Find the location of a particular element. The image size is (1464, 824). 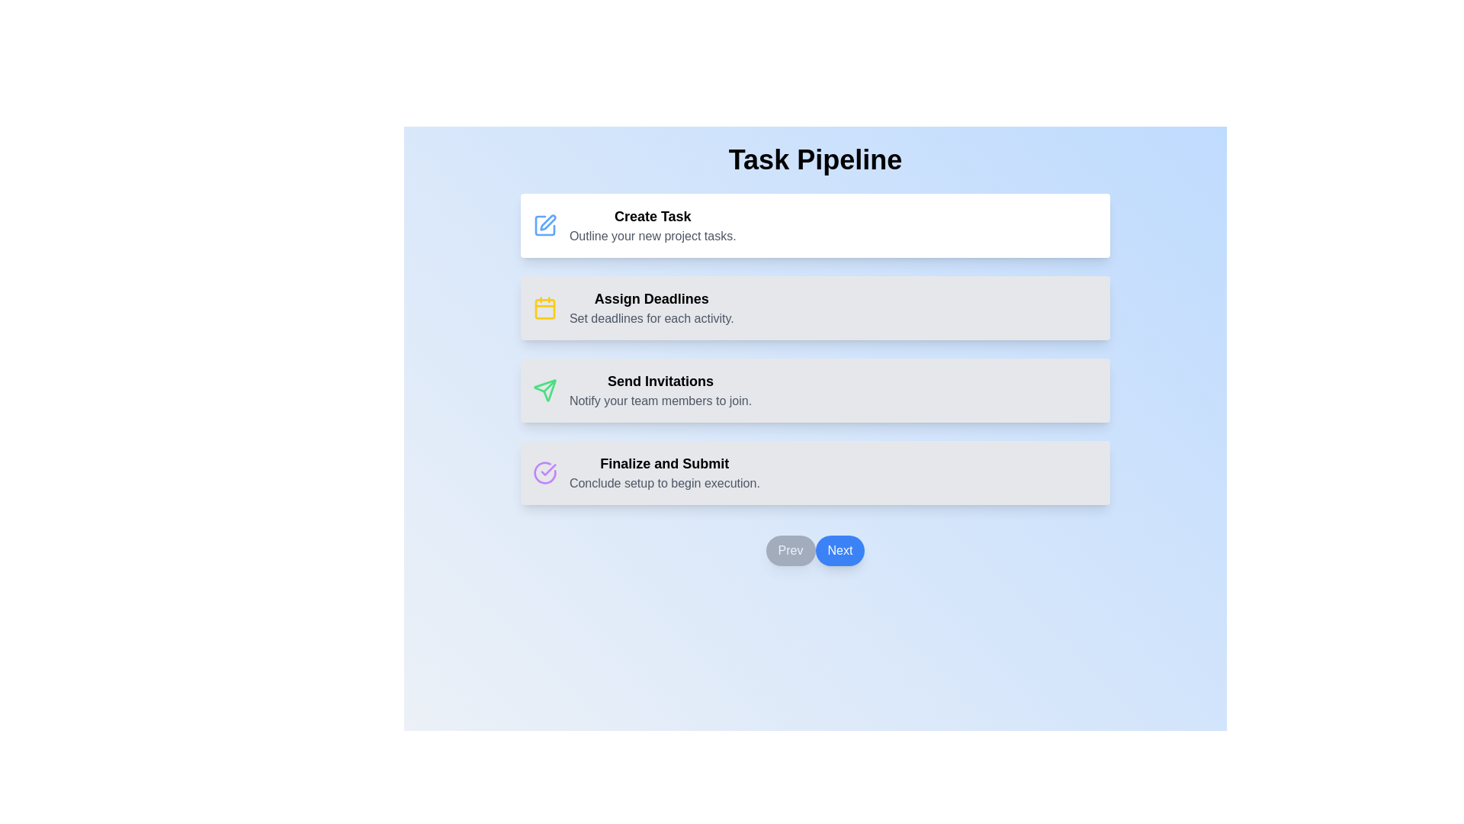

the checked state icon, which is a subcomponent of a larger circular checkmark icon located near the bottom-right corner of the interface is located at coordinates (548, 469).